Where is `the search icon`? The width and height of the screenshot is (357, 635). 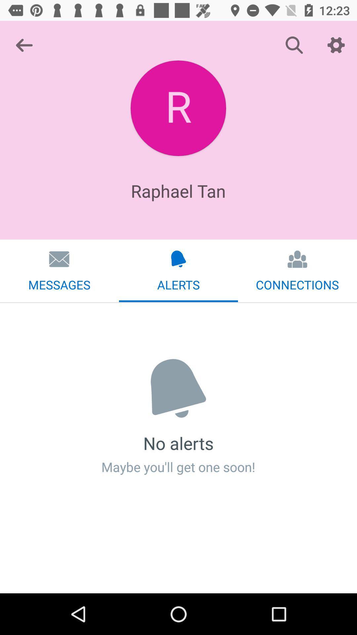
the search icon is located at coordinates (294, 45).